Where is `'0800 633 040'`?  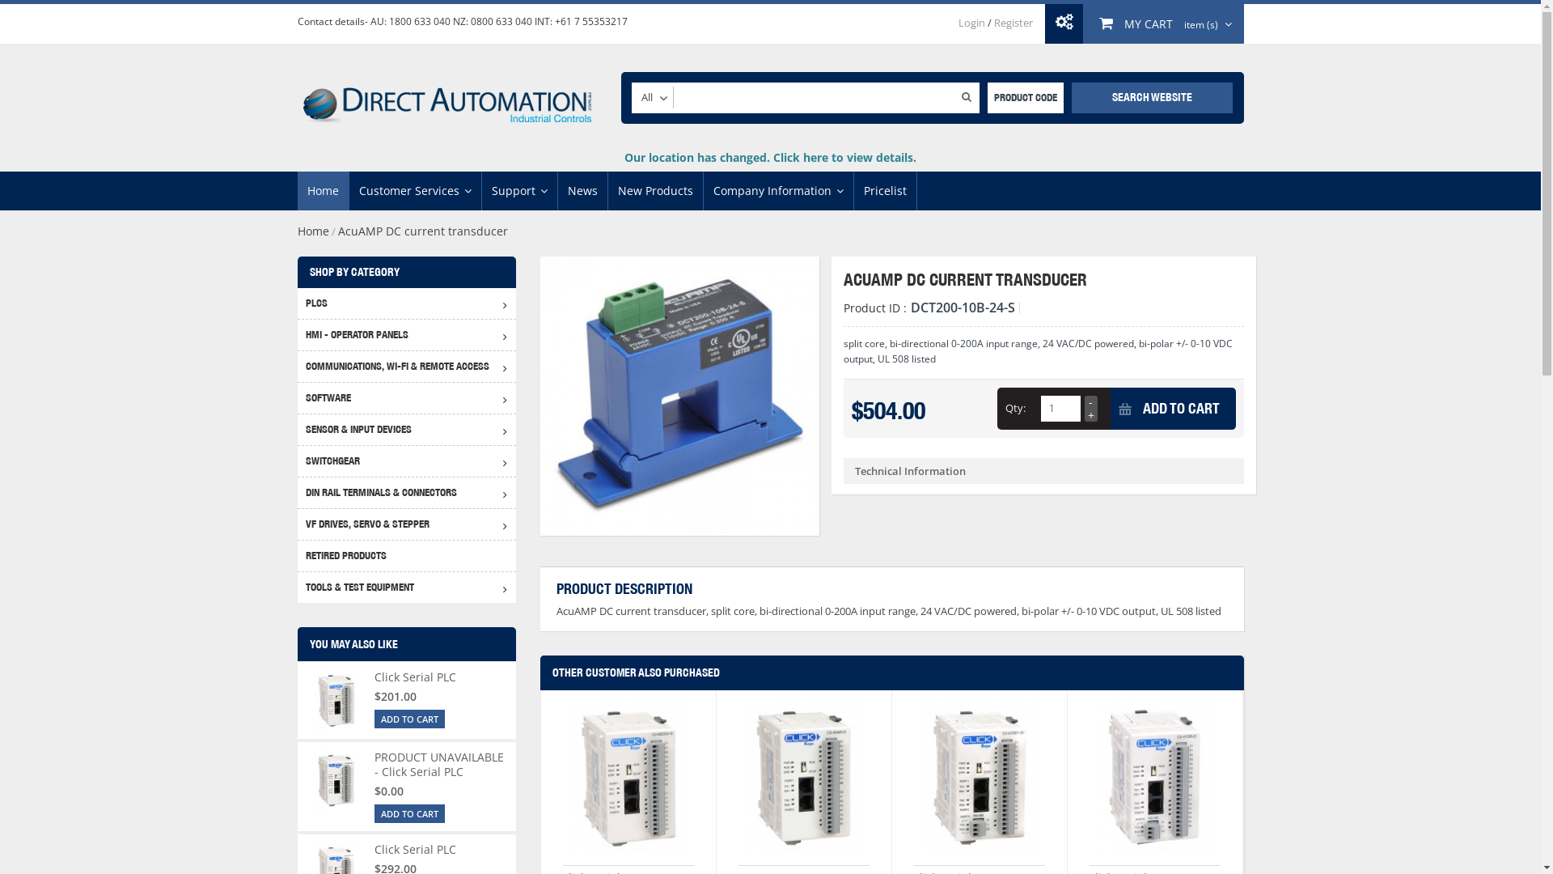
'0800 633 040' is located at coordinates (500, 21).